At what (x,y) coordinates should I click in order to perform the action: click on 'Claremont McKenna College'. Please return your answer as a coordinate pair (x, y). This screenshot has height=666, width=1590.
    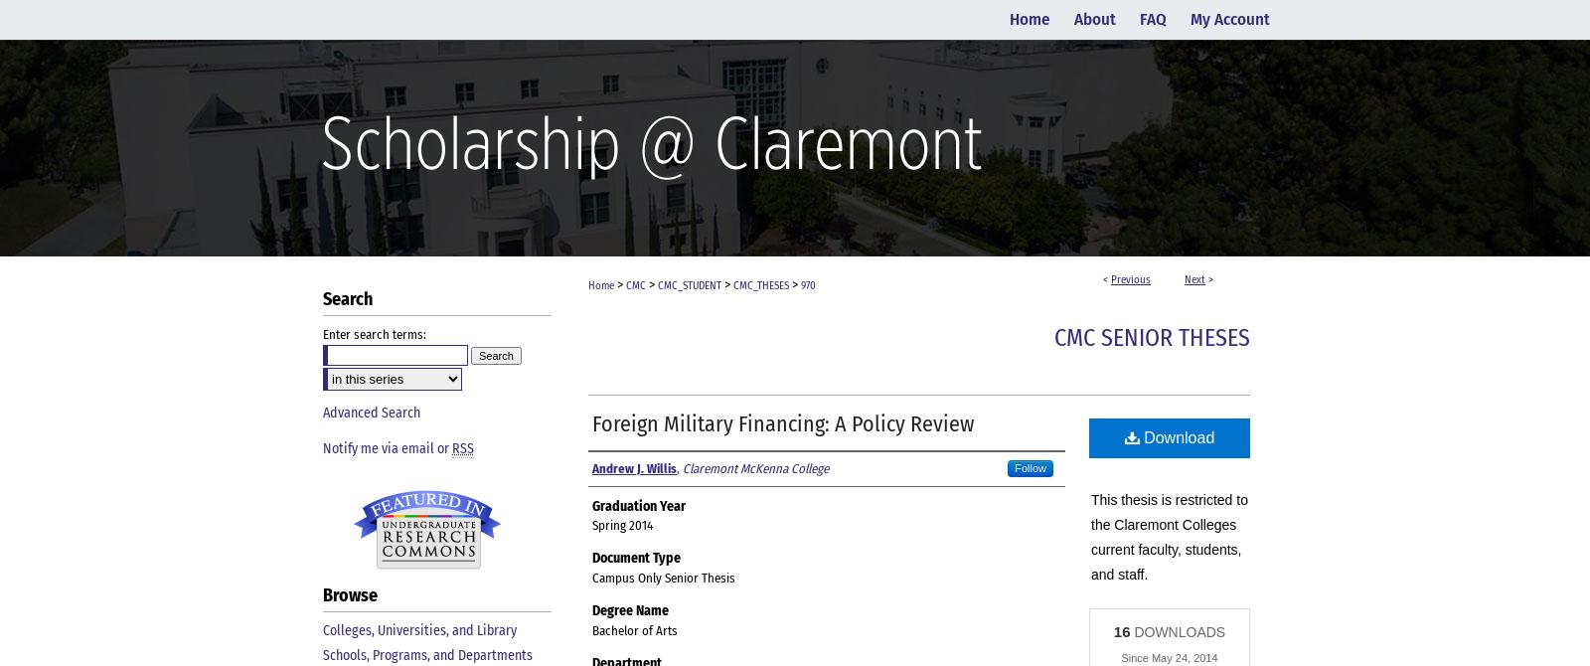
    Looking at the image, I should click on (683, 467).